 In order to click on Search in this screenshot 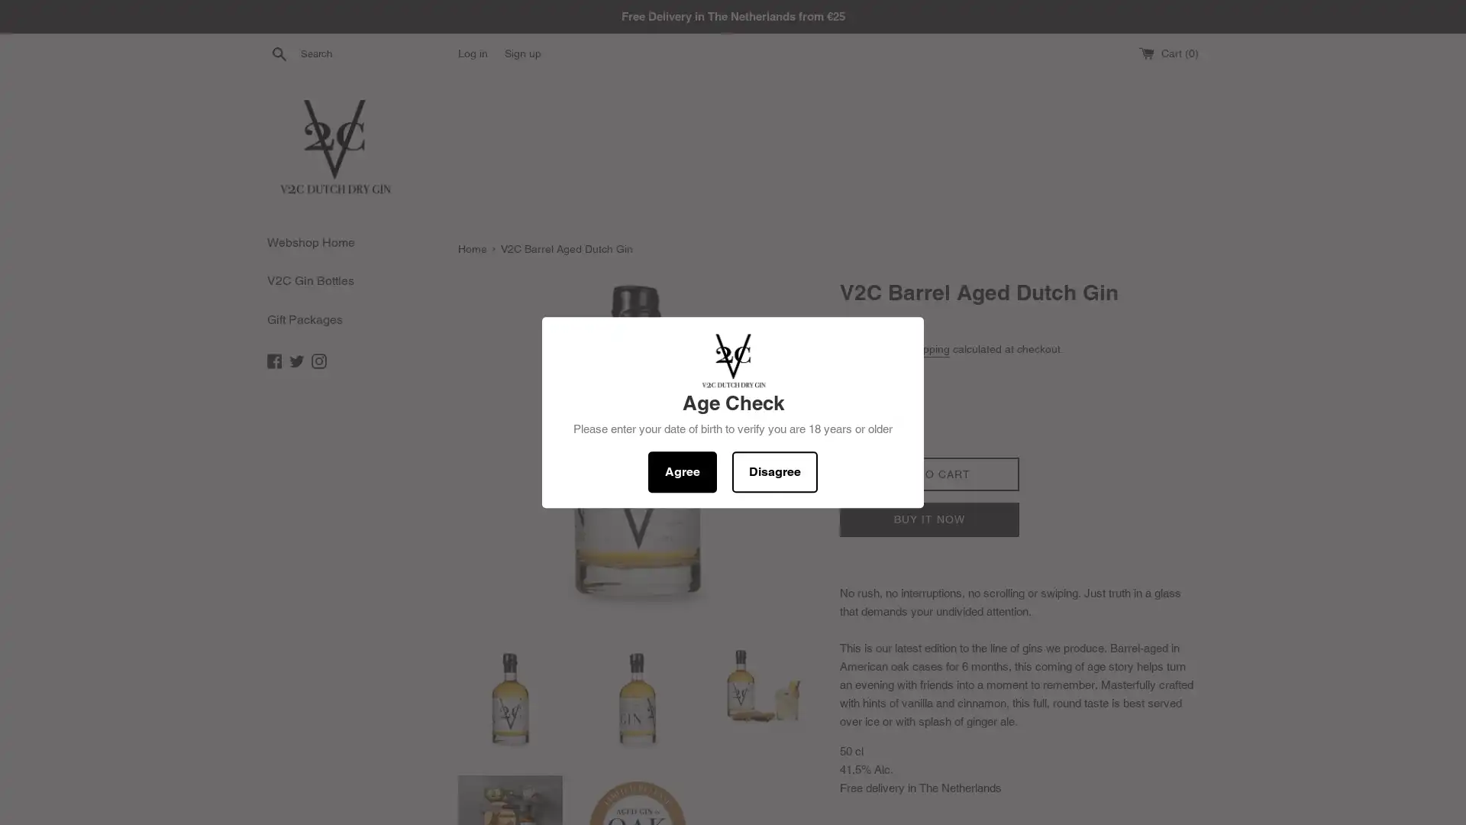, I will do `click(279, 52)`.